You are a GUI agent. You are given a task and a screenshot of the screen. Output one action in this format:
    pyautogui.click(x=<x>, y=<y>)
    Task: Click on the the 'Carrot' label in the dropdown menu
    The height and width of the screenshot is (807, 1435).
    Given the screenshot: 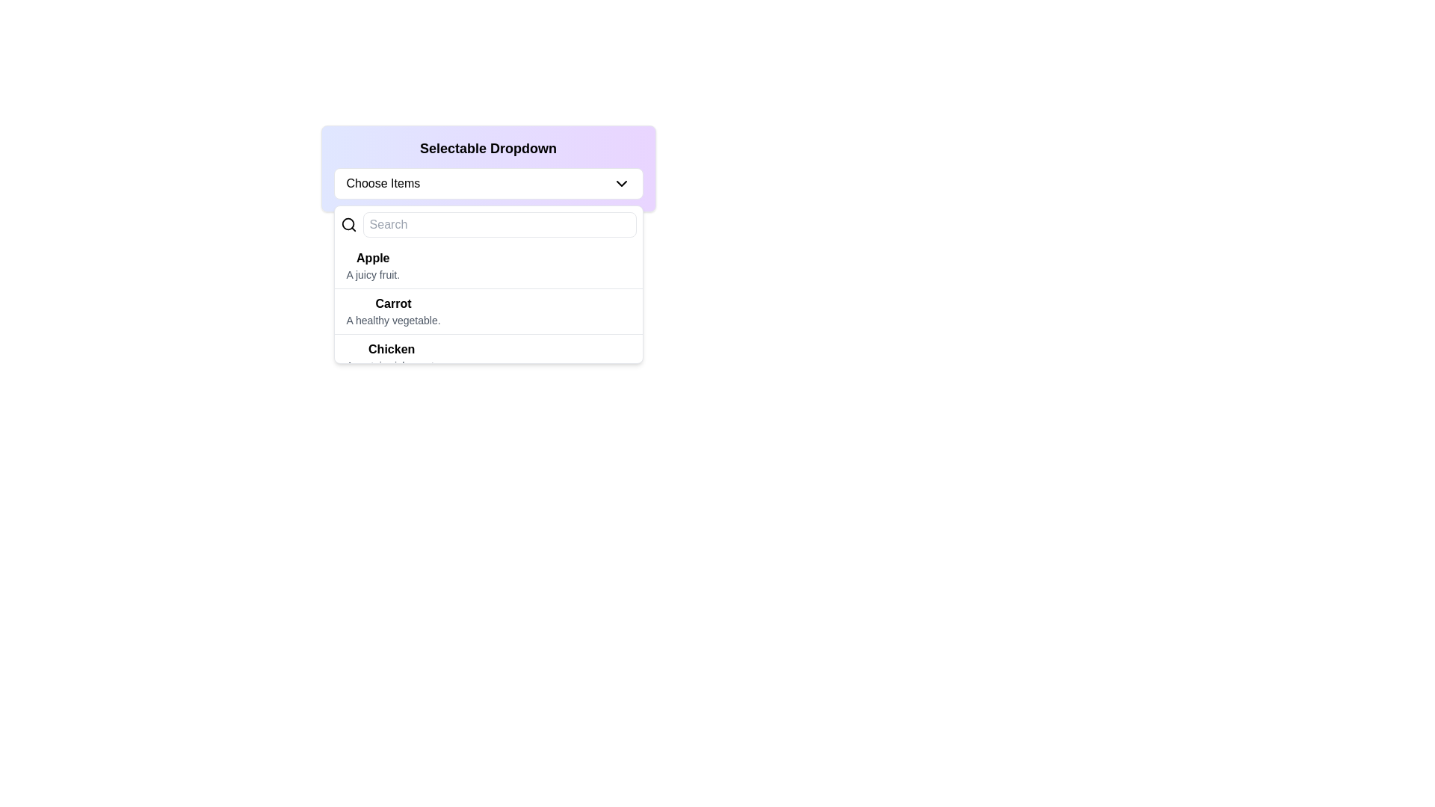 What is the action you would take?
    pyautogui.click(x=393, y=303)
    